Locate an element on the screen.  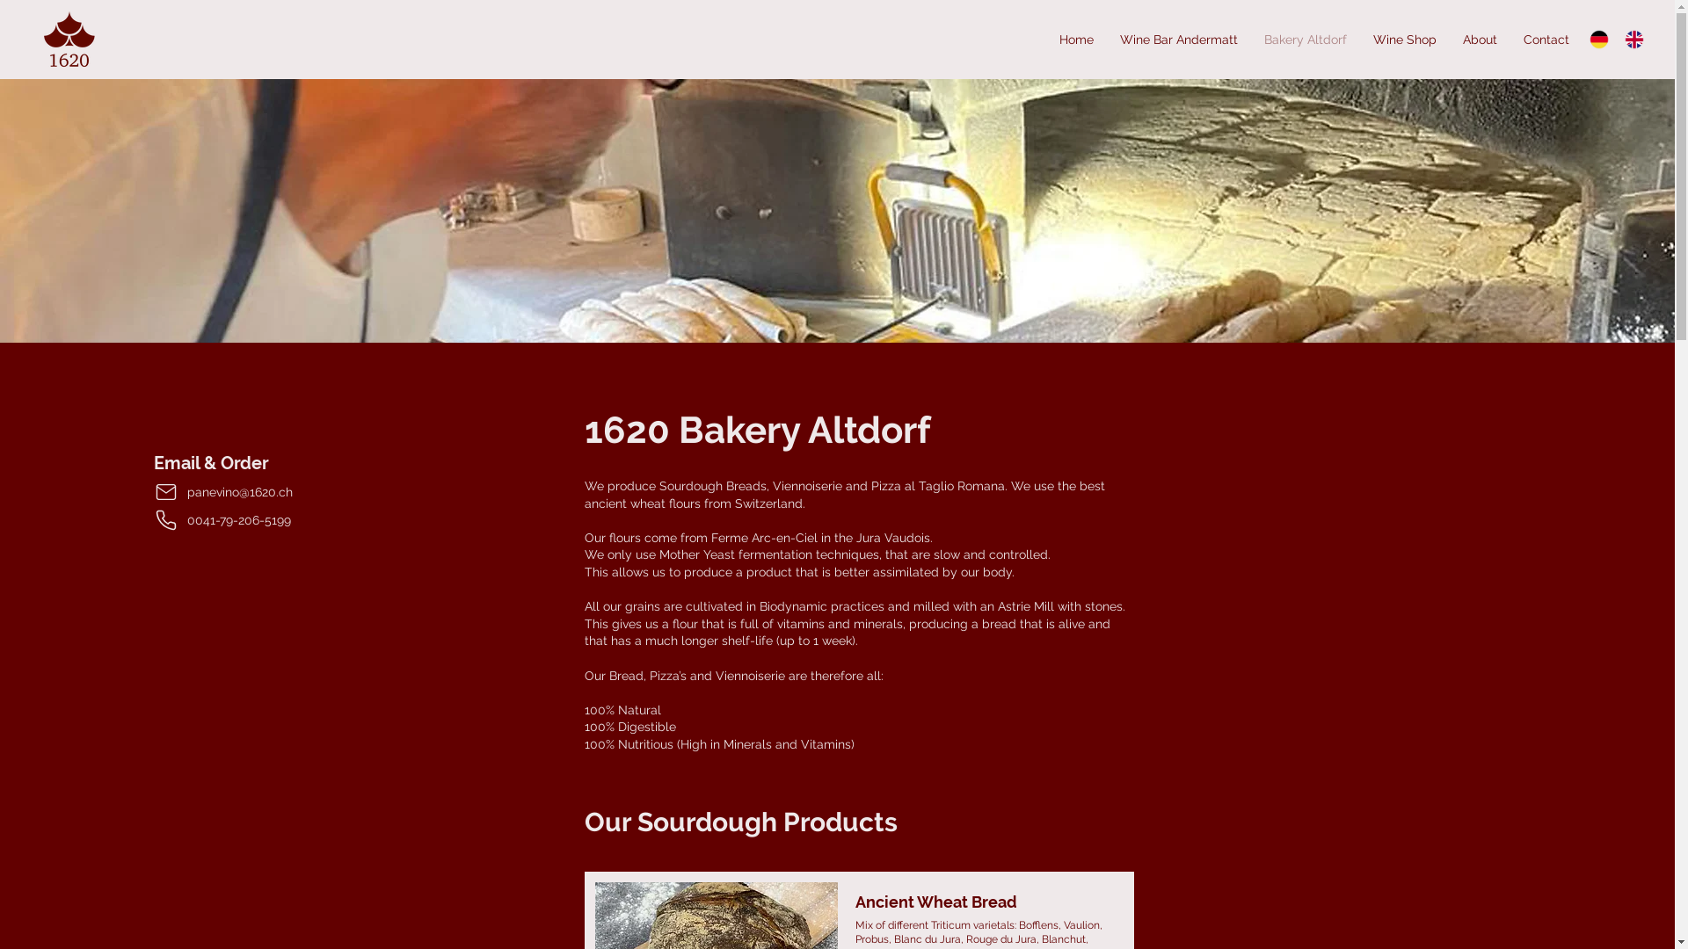
'Bakery Altdorf' is located at coordinates (1305, 40).